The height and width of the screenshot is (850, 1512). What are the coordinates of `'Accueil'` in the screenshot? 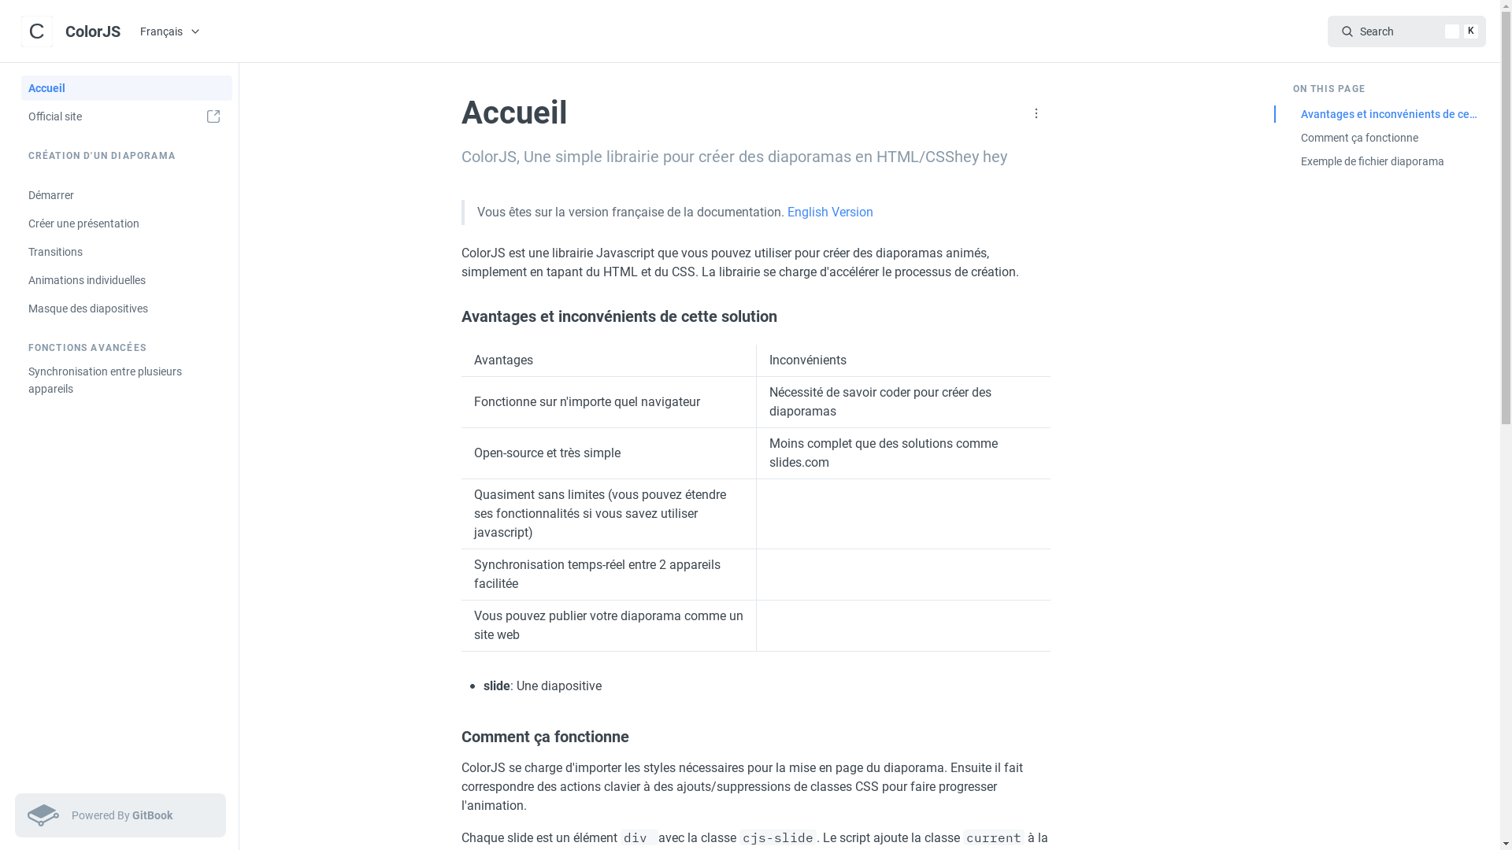 It's located at (124, 87).